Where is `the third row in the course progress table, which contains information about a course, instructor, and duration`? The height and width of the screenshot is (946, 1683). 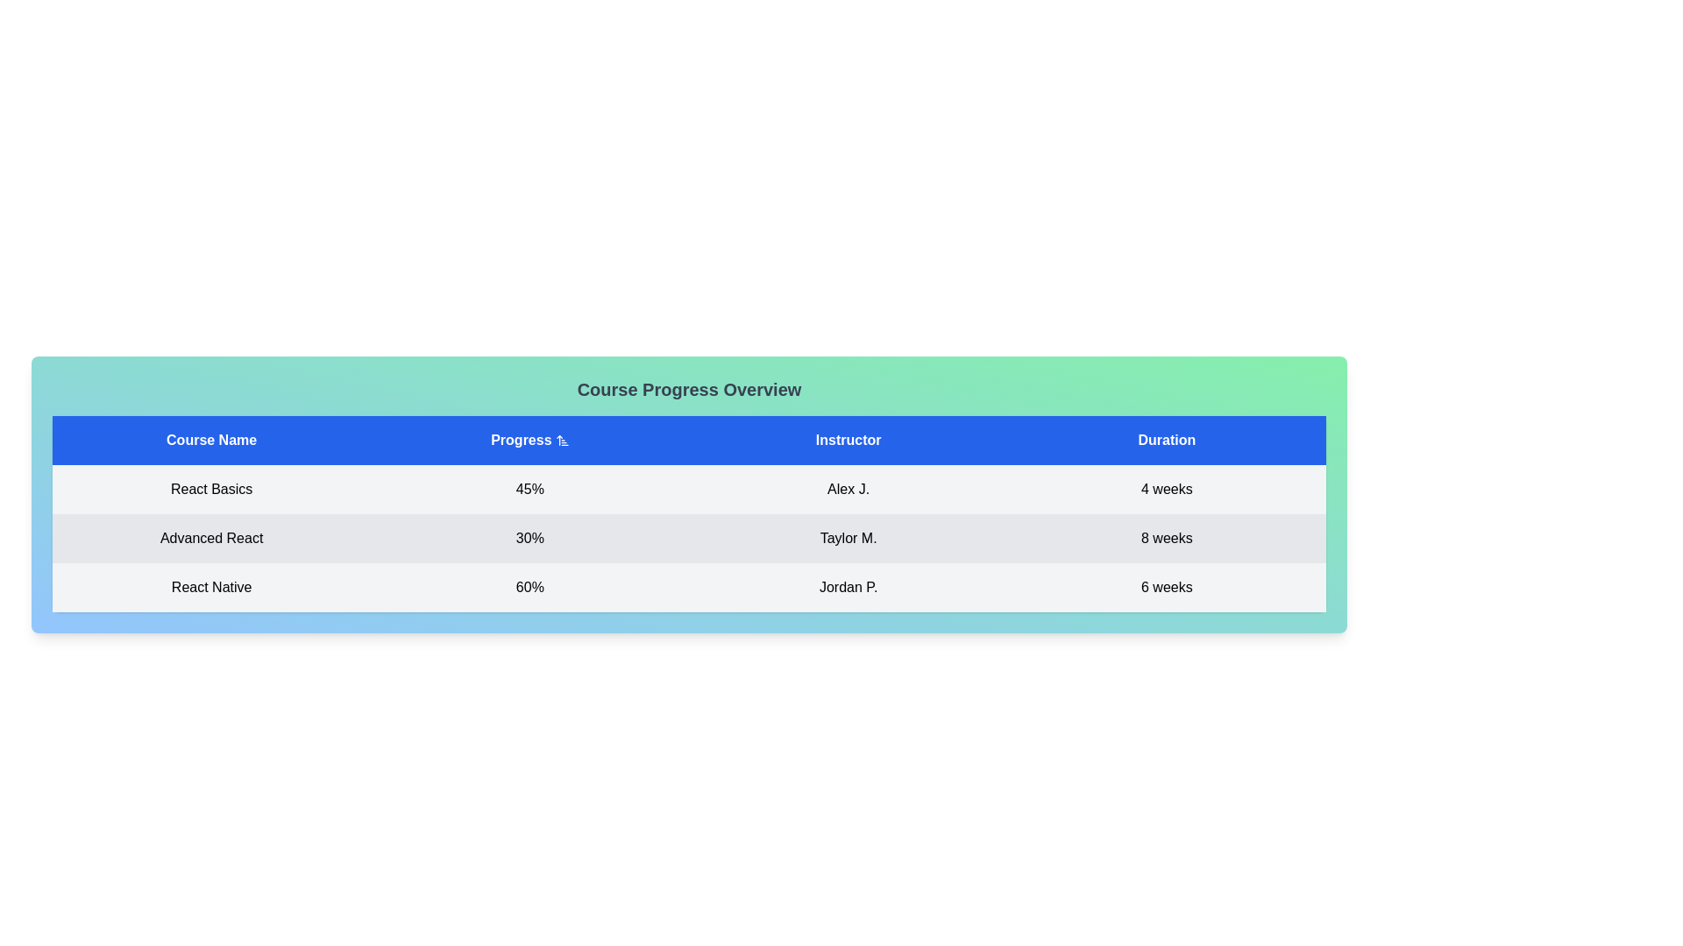 the third row in the course progress table, which contains information about a course, instructor, and duration is located at coordinates (688, 588).